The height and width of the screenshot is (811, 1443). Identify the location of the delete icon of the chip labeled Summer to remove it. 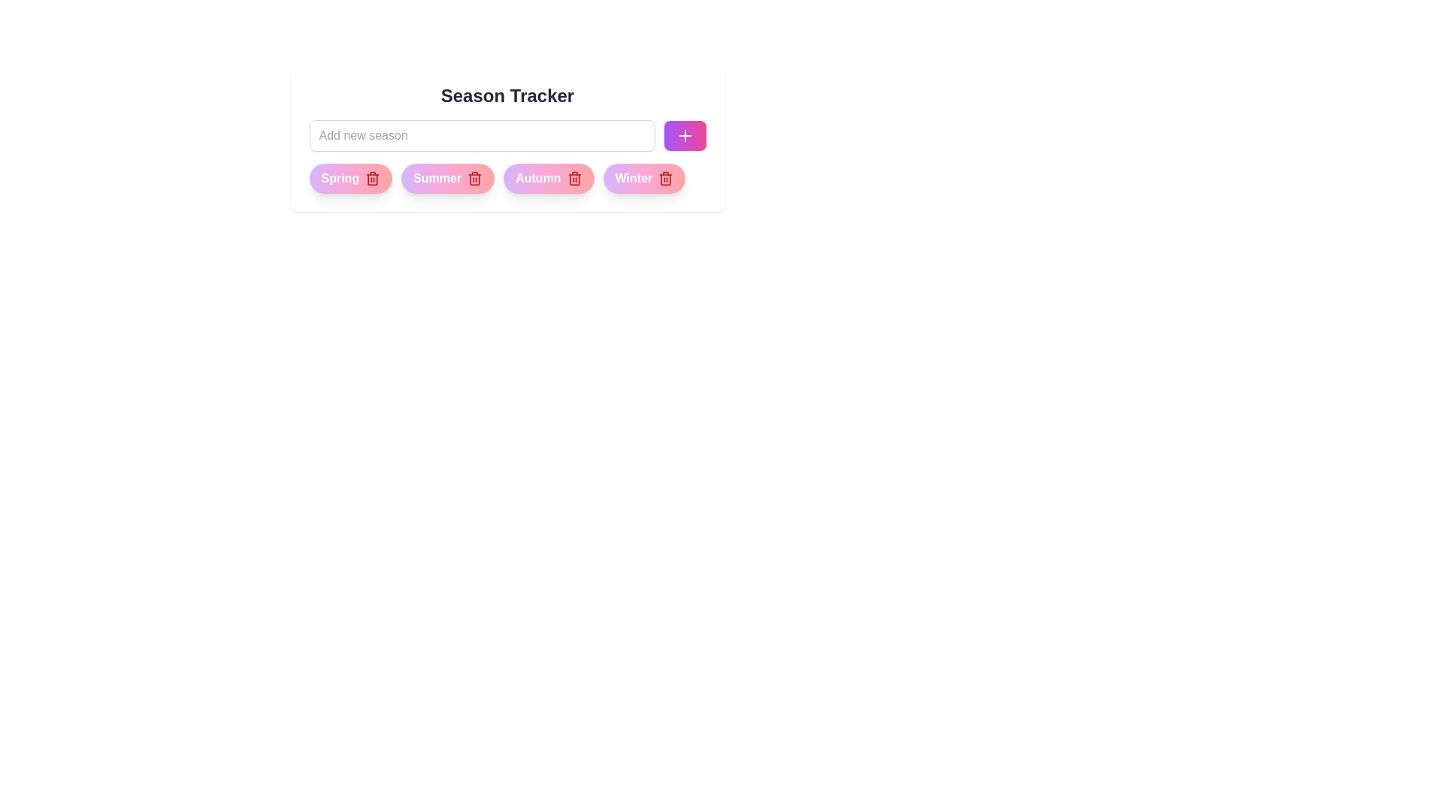
(474, 178).